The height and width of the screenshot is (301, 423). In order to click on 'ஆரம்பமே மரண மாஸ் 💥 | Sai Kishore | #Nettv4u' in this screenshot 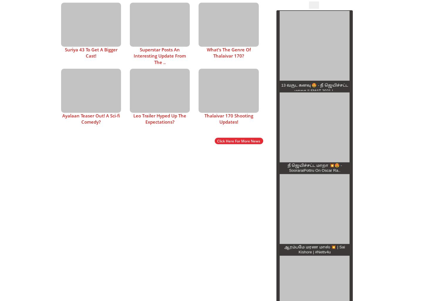, I will do `click(315, 249)`.